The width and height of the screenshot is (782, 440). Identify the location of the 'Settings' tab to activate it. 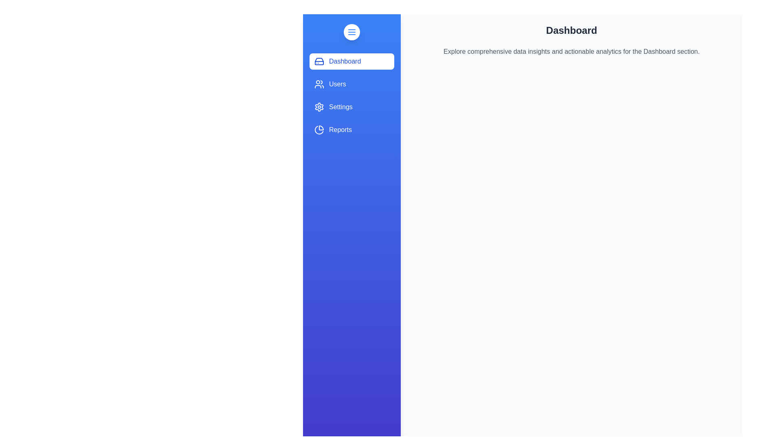
(352, 106).